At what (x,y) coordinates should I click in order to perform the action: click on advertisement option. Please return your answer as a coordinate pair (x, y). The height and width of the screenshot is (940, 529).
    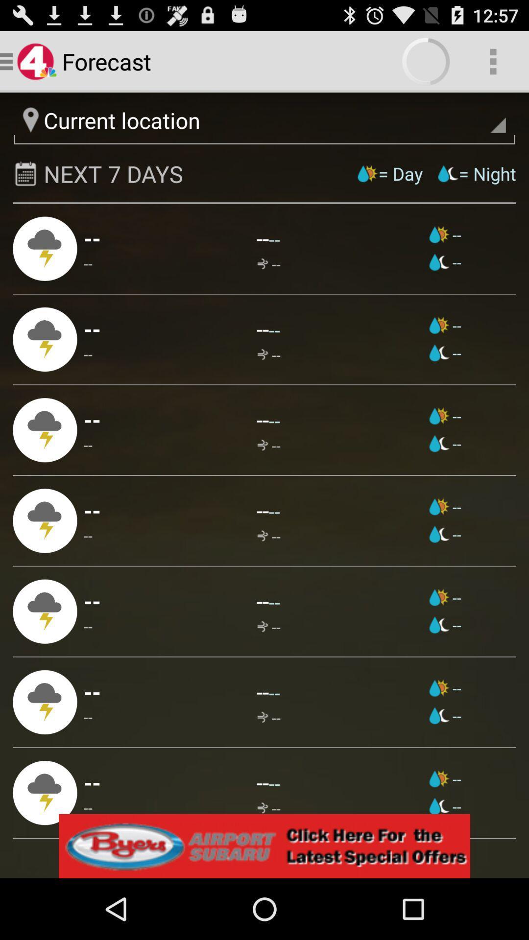
    Looking at the image, I should click on (264, 846).